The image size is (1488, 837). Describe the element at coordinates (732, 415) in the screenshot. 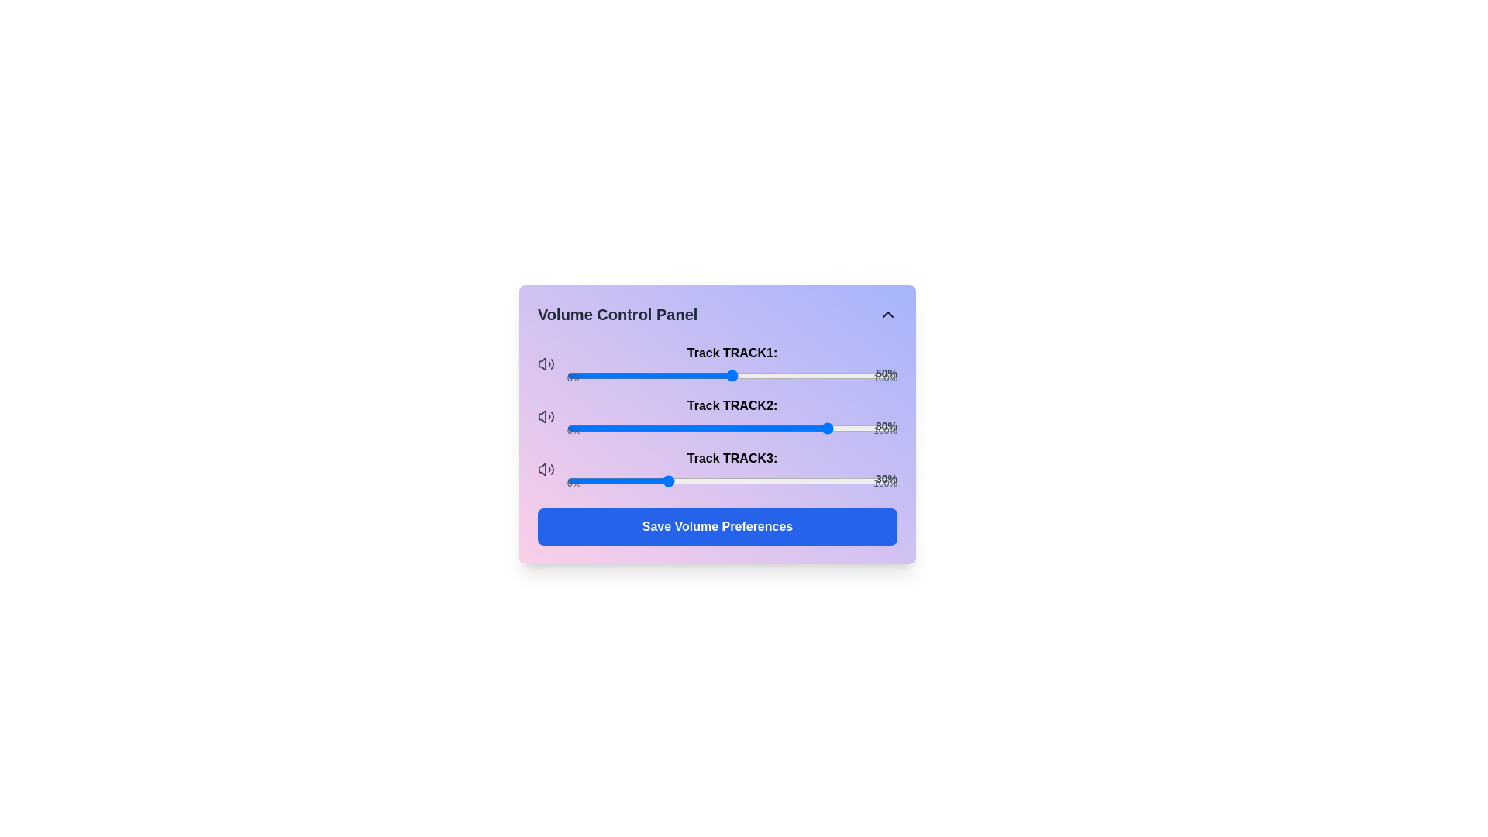

I see `the slider control for 'Track TRACK2'` at that location.